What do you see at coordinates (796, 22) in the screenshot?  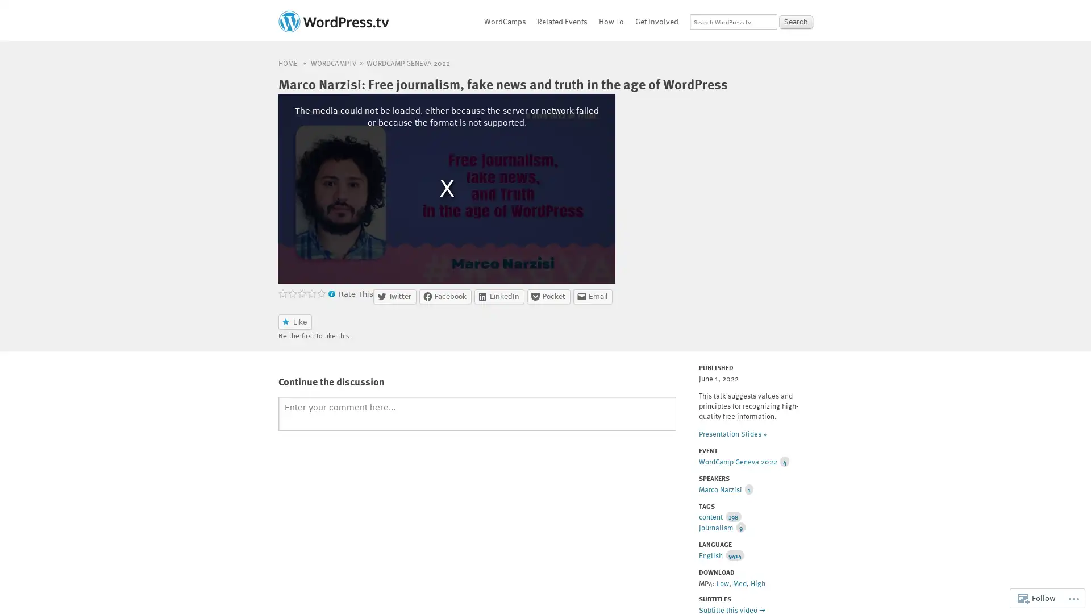 I see `Search` at bounding box center [796, 22].